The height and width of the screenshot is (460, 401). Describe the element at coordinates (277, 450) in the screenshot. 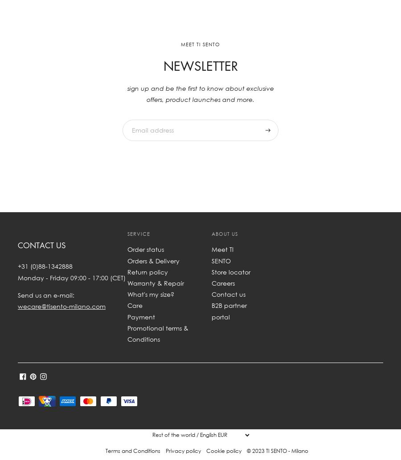

I see `'© 2023 TI SENTO - Milano'` at that location.